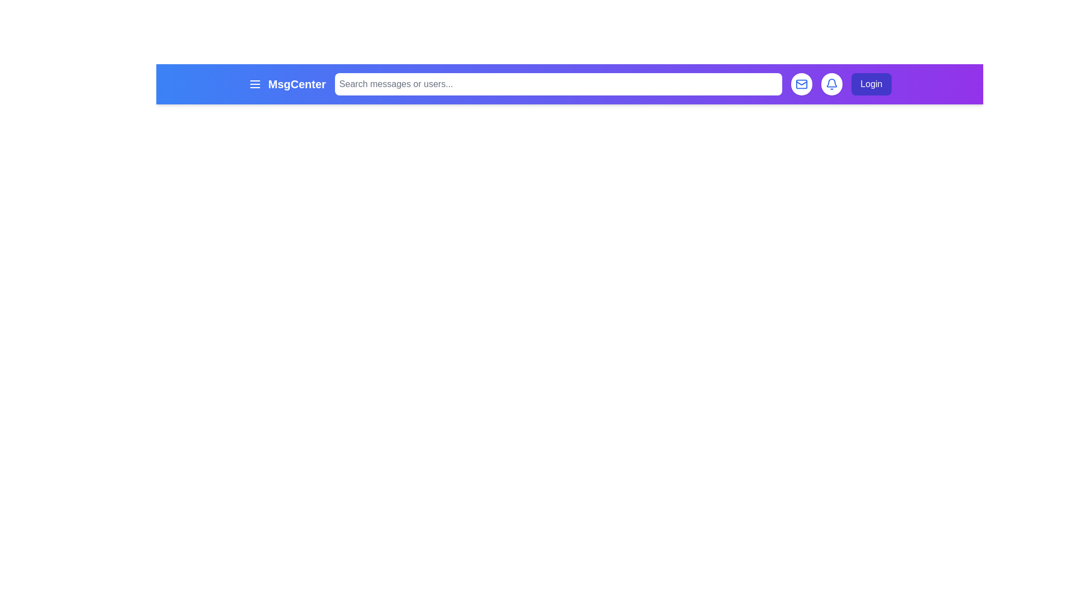 Image resolution: width=1072 pixels, height=603 pixels. What do you see at coordinates (870, 83) in the screenshot?
I see `the 'Login' button to initiate the login process` at bounding box center [870, 83].